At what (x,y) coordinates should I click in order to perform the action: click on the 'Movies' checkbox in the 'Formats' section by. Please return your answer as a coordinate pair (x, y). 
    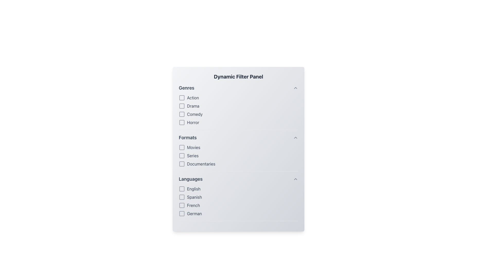
    Looking at the image, I should click on (182, 147).